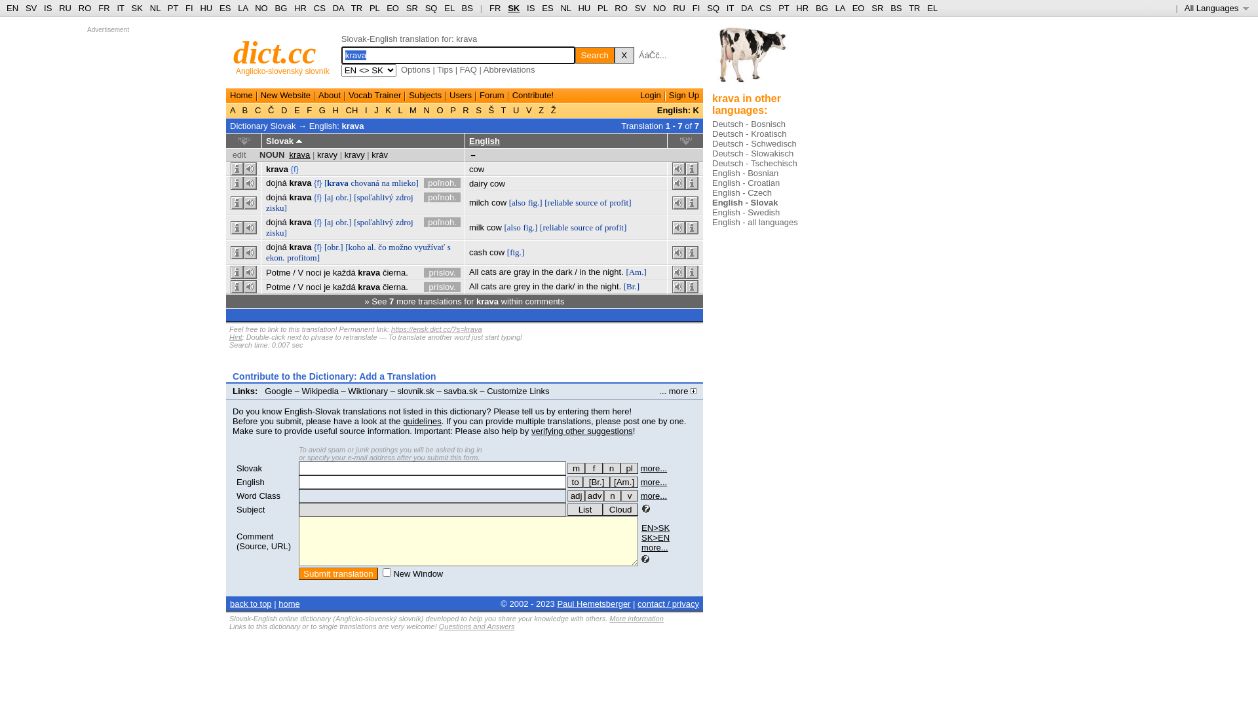 The height and width of the screenshot is (707, 1258). What do you see at coordinates (613, 271) in the screenshot?
I see `'night.'` at bounding box center [613, 271].